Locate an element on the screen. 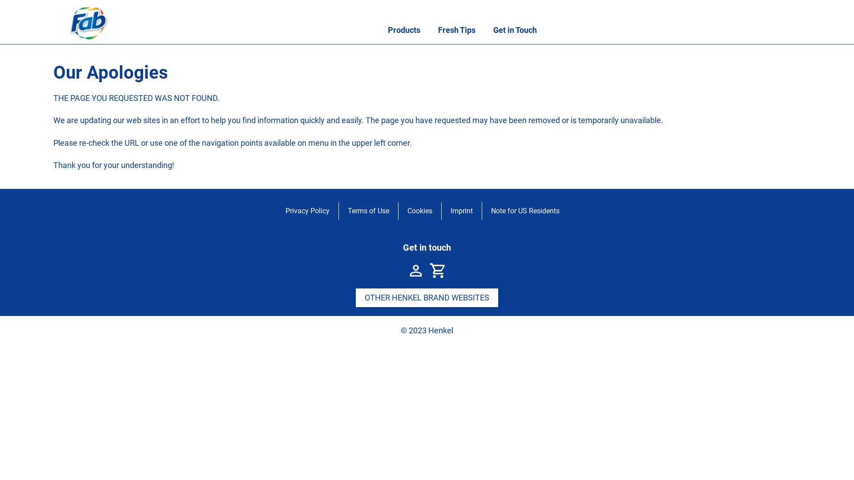 The height and width of the screenshot is (480, 854). 'Products' is located at coordinates (403, 30).